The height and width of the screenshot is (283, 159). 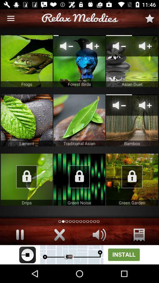 I want to click on leaf image, so click(x=26, y=120).